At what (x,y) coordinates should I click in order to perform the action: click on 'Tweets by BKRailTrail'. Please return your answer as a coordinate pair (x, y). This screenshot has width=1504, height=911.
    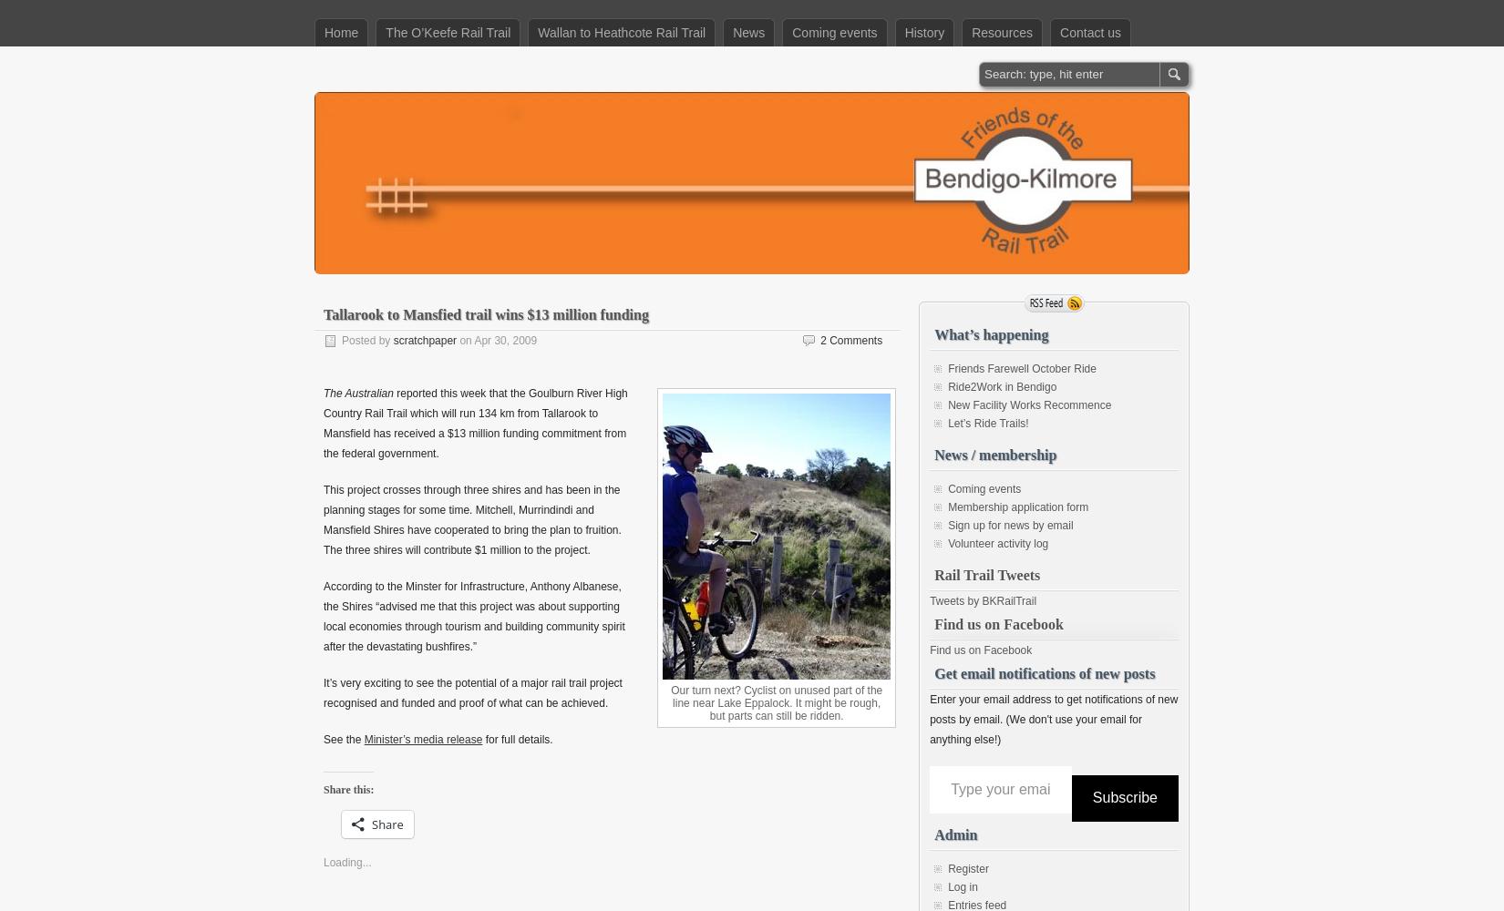
    Looking at the image, I should click on (983, 601).